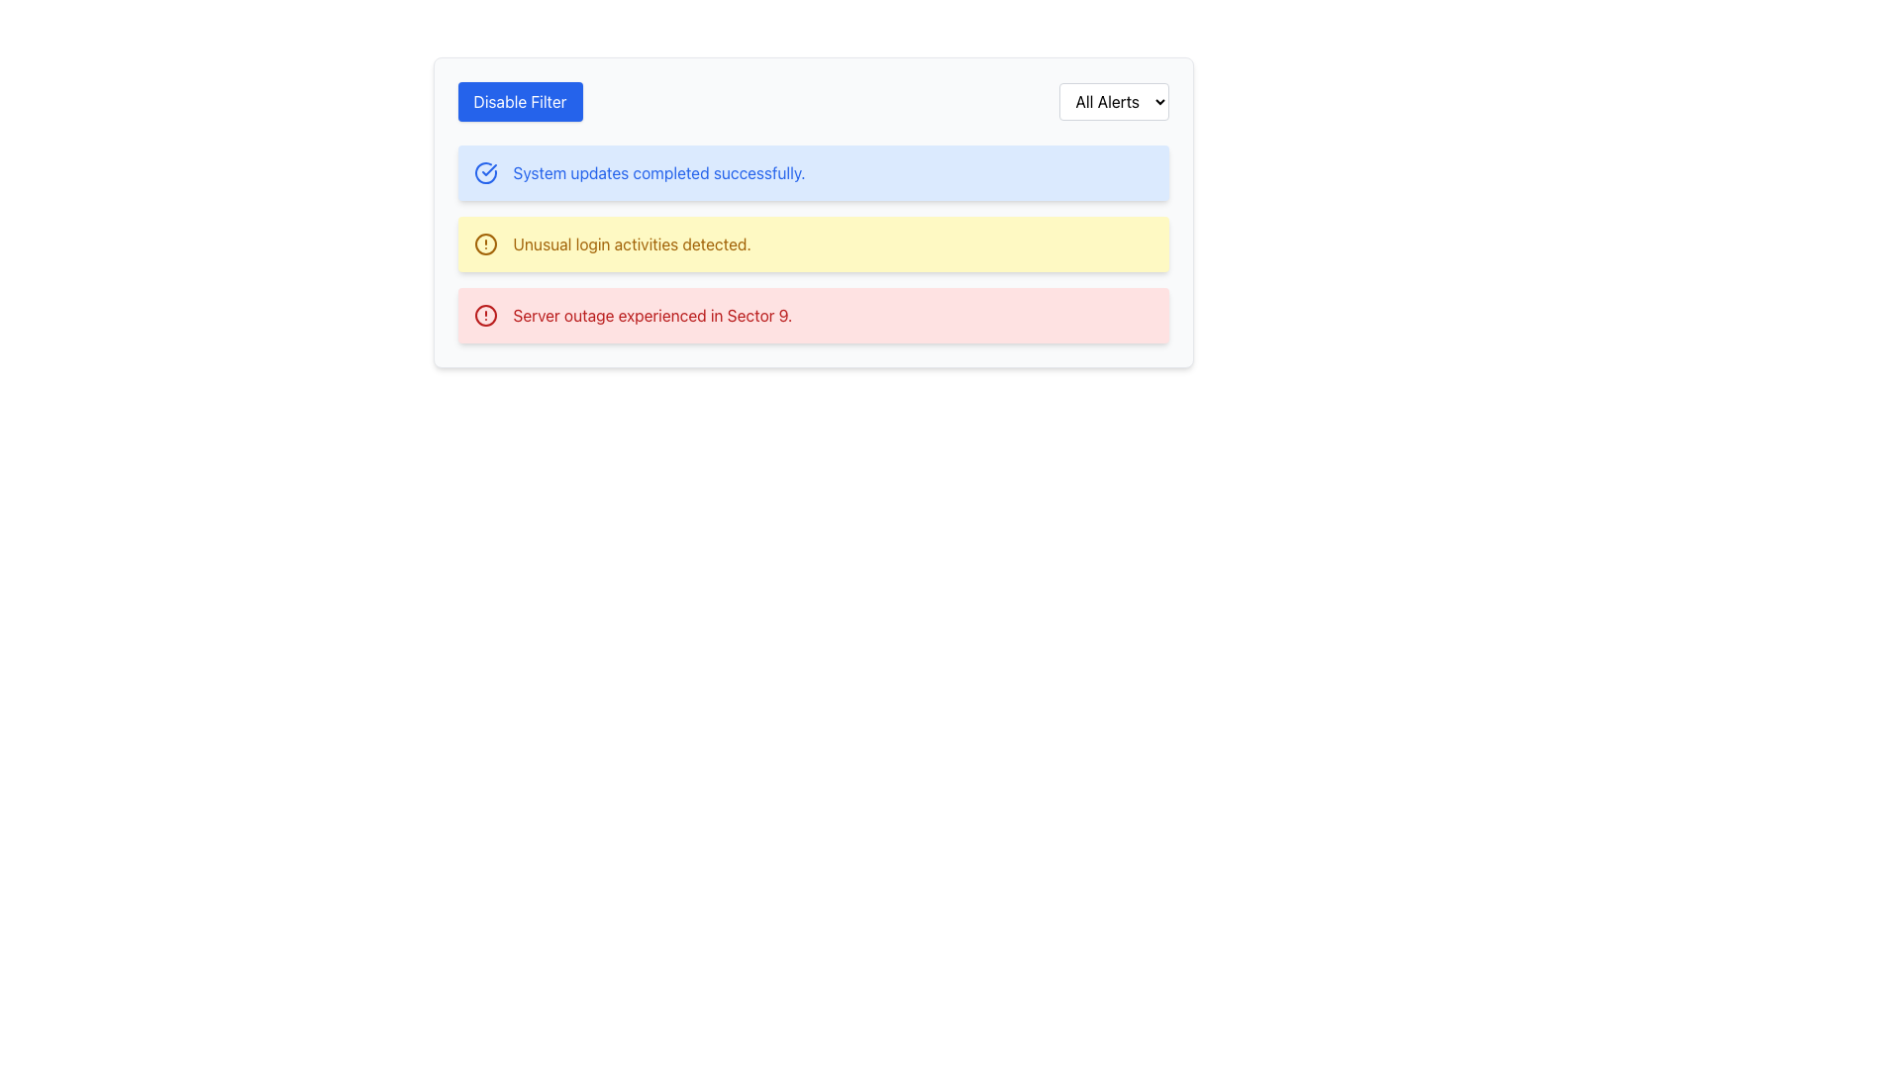 The image size is (1901, 1069). What do you see at coordinates (485, 315) in the screenshot?
I see `the red circular graphical icon representing the alert within the third alert notification at the bottom of the list of alerts` at bounding box center [485, 315].